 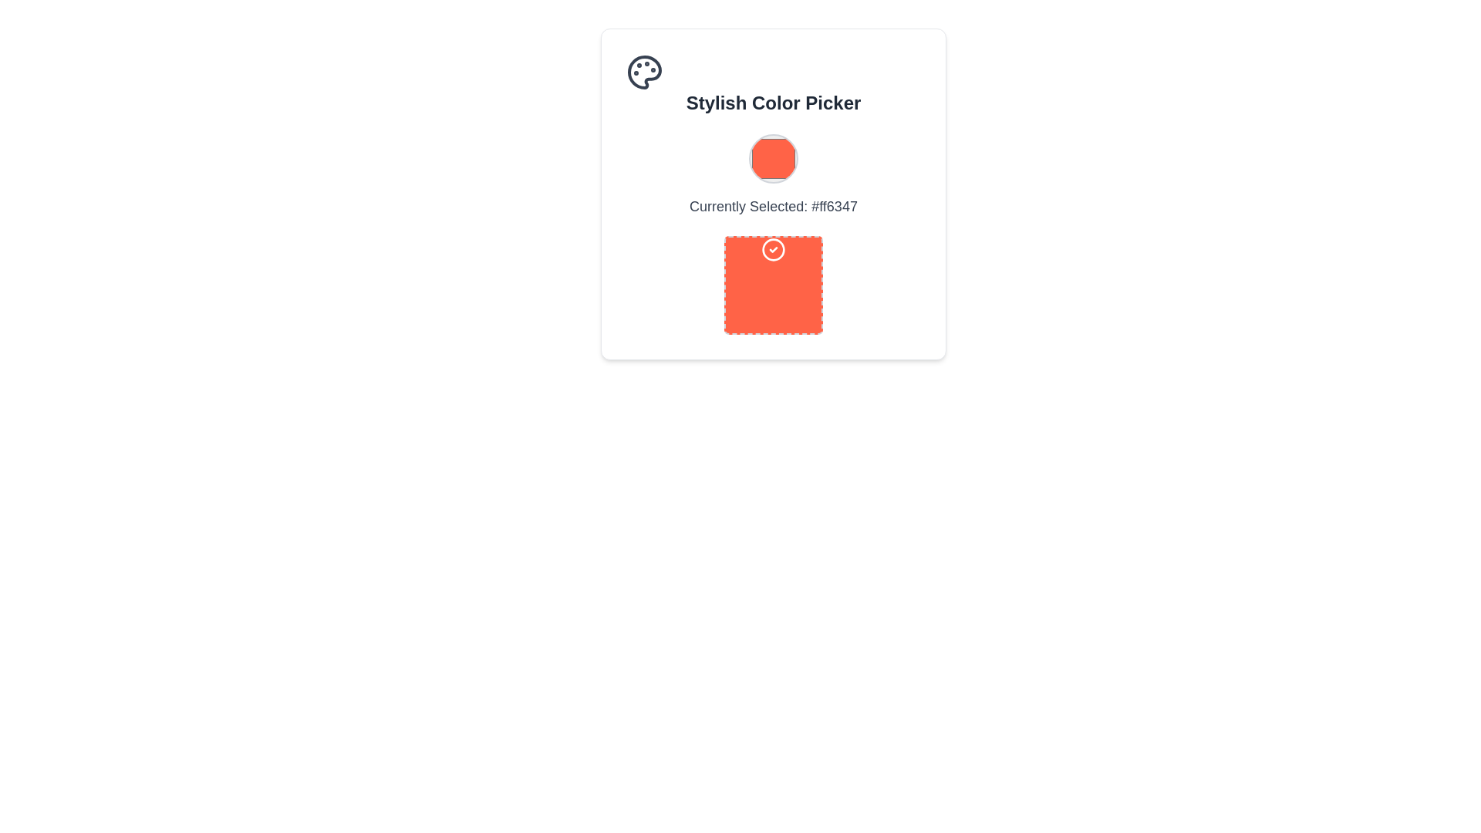 I want to click on the static visual indicator that represents the currently selected color option, which includes a solid color and a checkmark, located below the text 'Currently Selected: #ff6347', so click(x=774, y=285).